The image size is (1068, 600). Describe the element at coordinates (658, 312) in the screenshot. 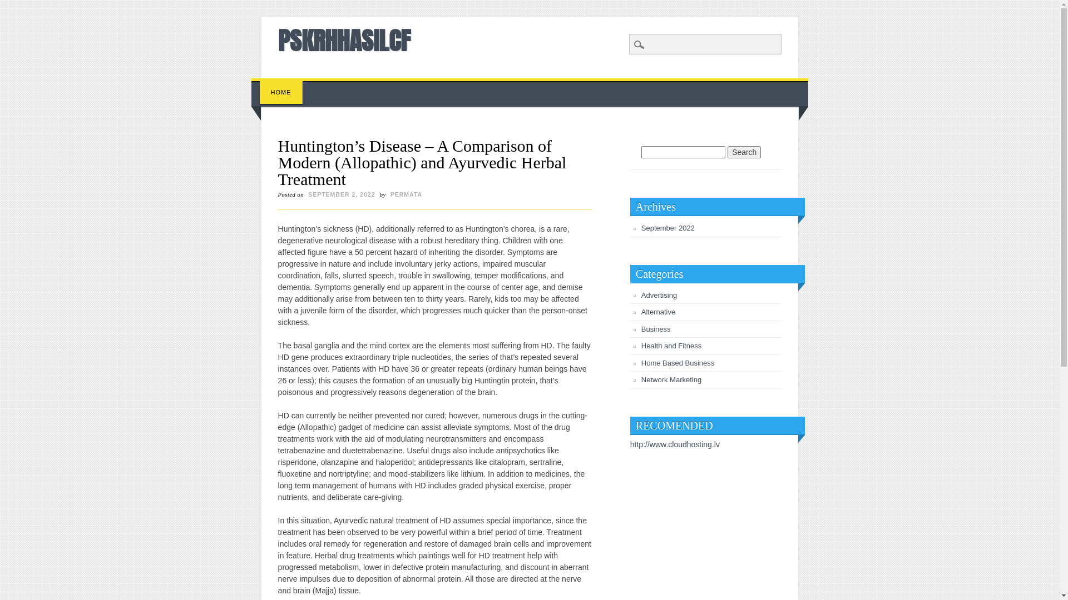

I see `'Alternative'` at that location.